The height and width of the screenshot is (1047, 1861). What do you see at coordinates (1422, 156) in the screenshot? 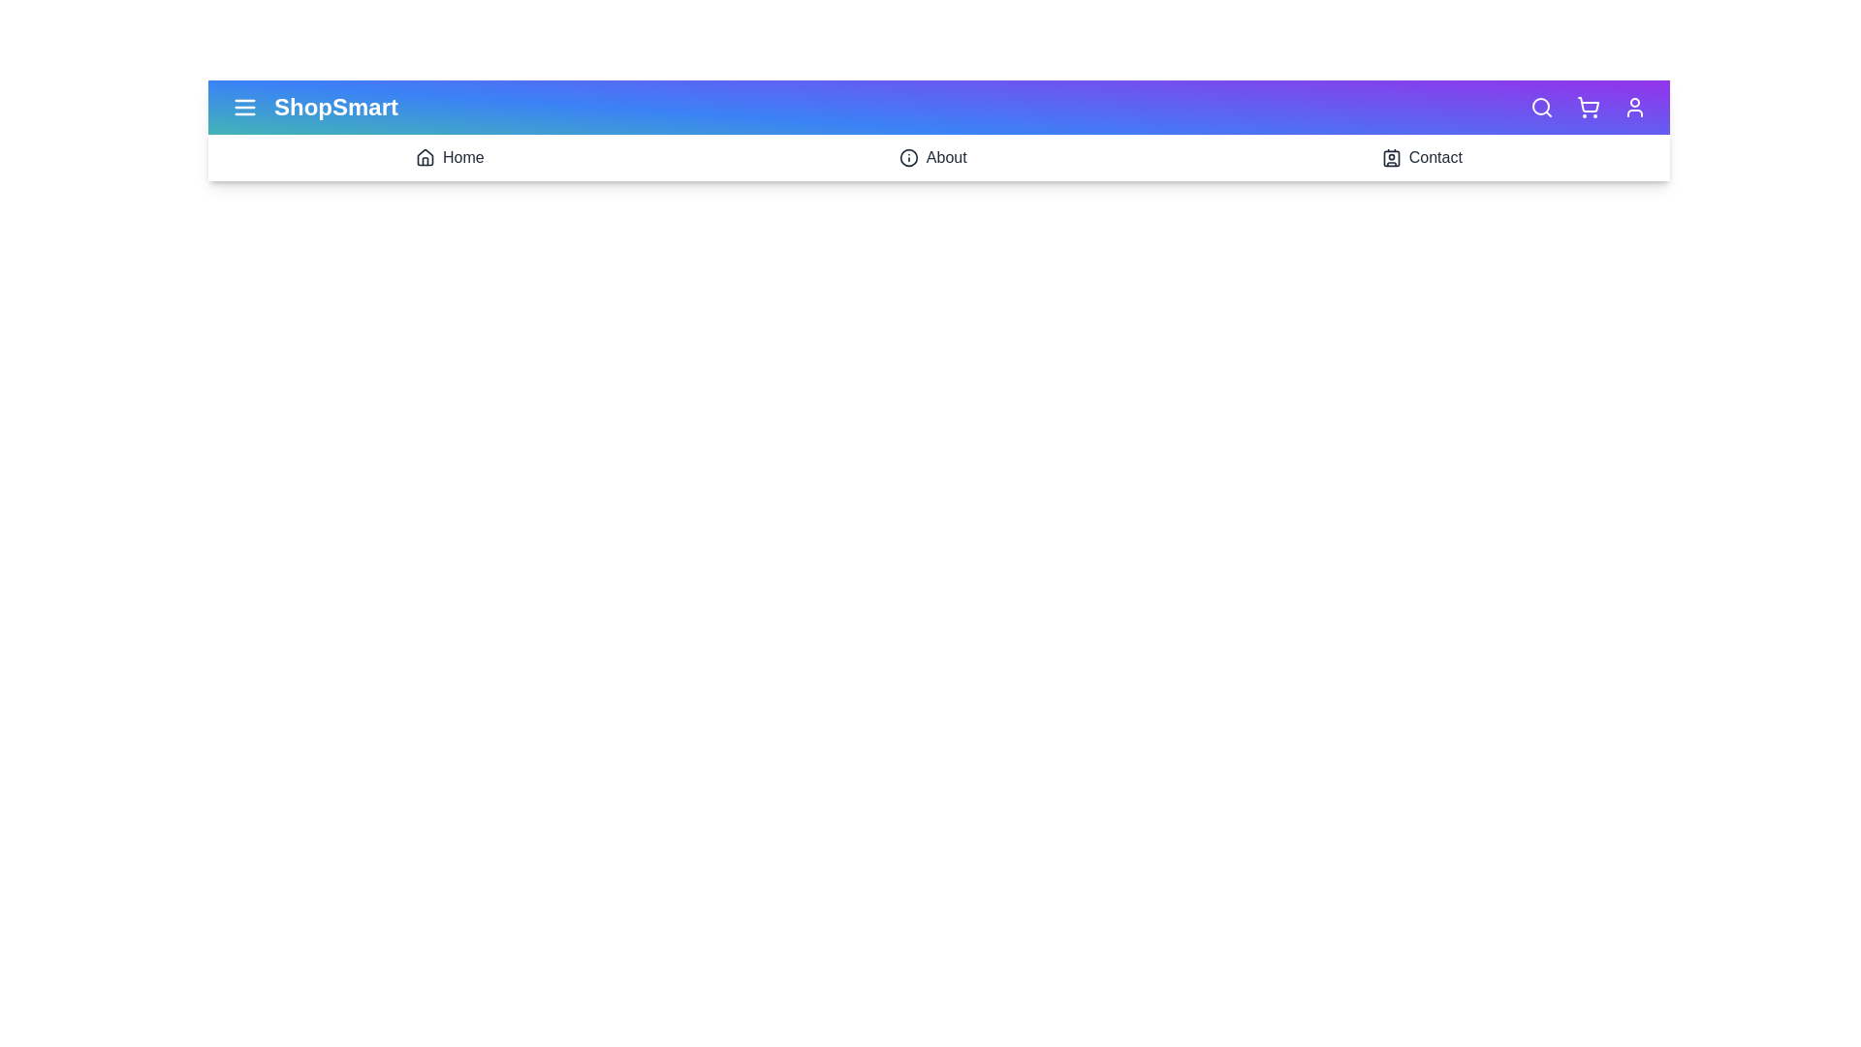
I see `the 'Contact' icon to navigate to the 'Contact' section` at bounding box center [1422, 156].